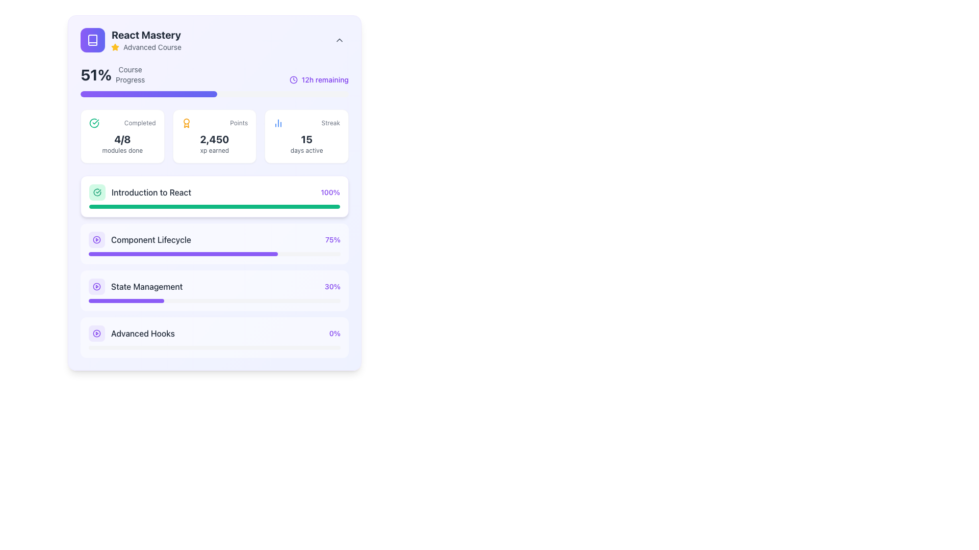  Describe the element at coordinates (306, 151) in the screenshot. I see `static text label displaying 'days active' located below the bold numerical value '15' in the 'Streak' dashboard card` at that location.